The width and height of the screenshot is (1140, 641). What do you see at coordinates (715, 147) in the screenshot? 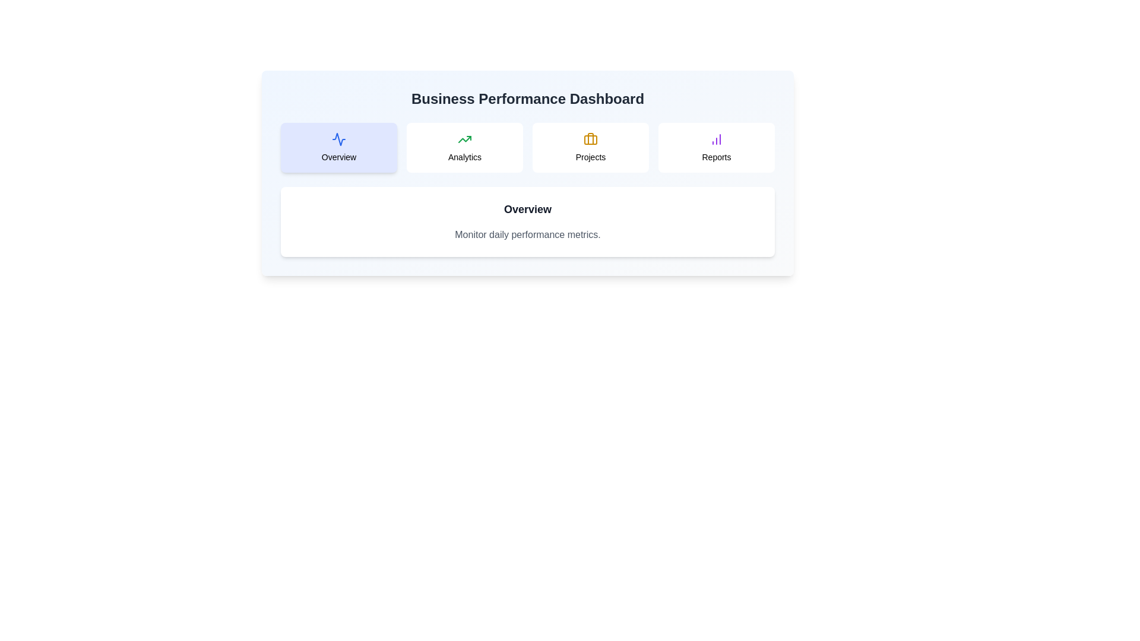
I see `the tab corresponding to Reports to display hover feedback` at bounding box center [715, 147].